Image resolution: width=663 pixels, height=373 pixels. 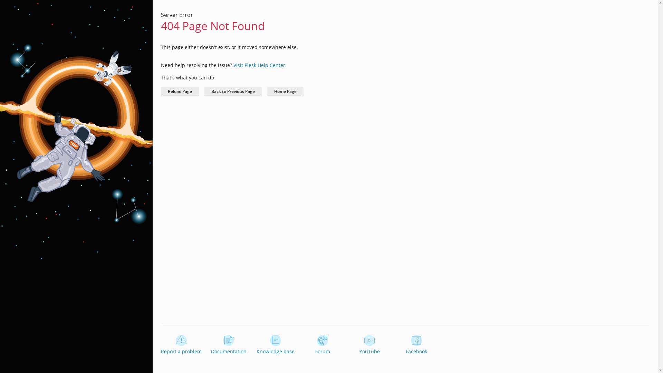 What do you see at coordinates (208, 345) in the screenshot?
I see `'Documentation'` at bounding box center [208, 345].